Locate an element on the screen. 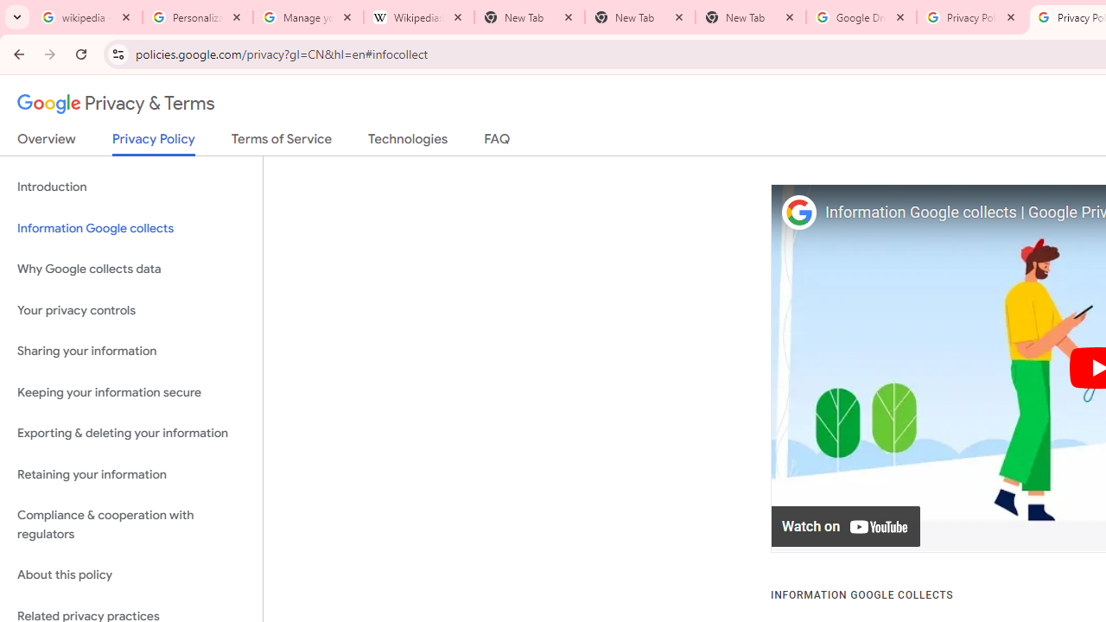 The height and width of the screenshot is (622, 1106). 'Sharing your information' is located at coordinates (130, 351).